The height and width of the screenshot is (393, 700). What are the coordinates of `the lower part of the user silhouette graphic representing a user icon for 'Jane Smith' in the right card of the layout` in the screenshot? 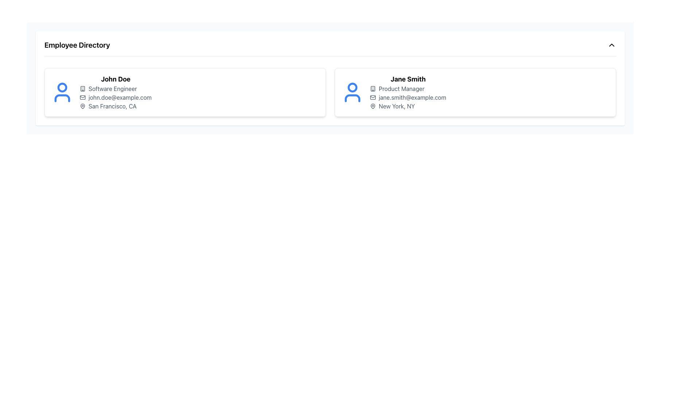 It's located at (352, 98).